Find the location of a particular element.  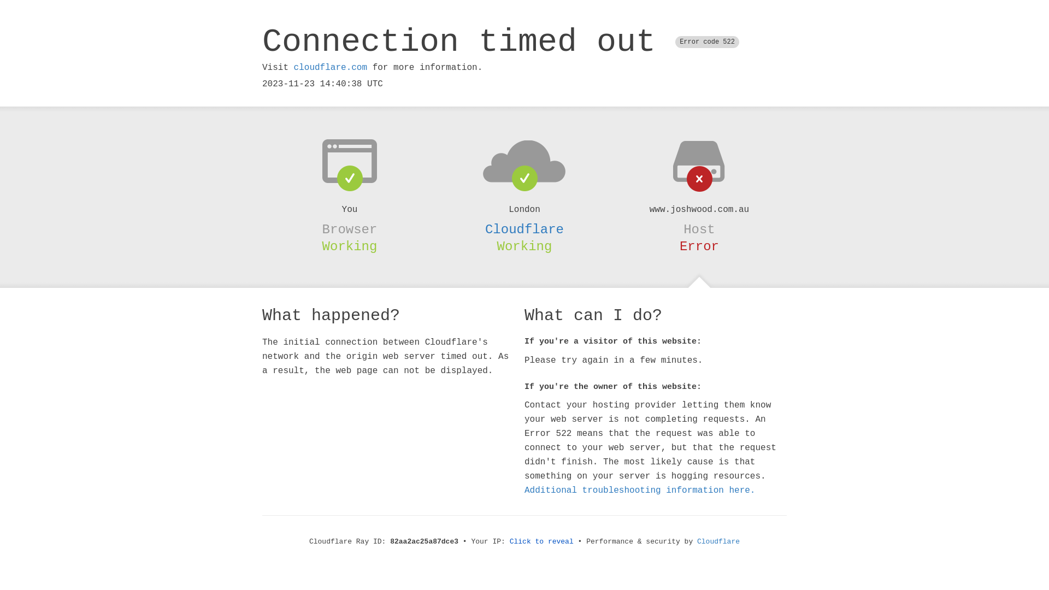

'Additional troubleshooting information here.' is located at coordinates (640, 490).